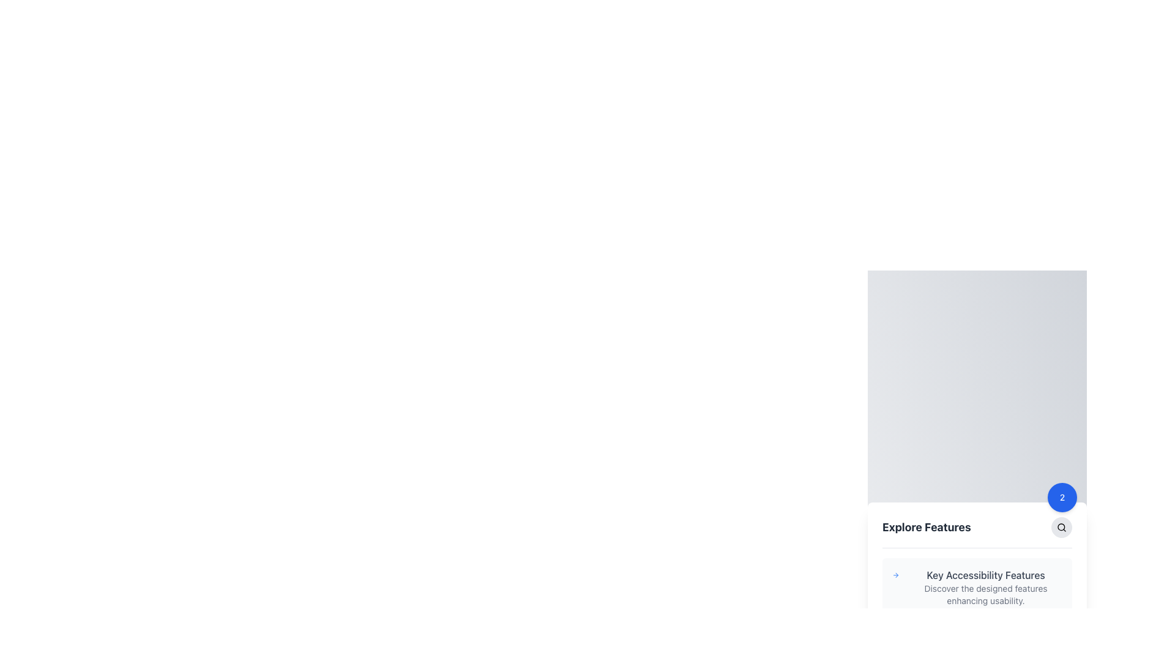 This screenshot has width=1175, height=661. I want to click on the small magnifying glass icon located in the top-right corner of the card, so click(1061, 526).